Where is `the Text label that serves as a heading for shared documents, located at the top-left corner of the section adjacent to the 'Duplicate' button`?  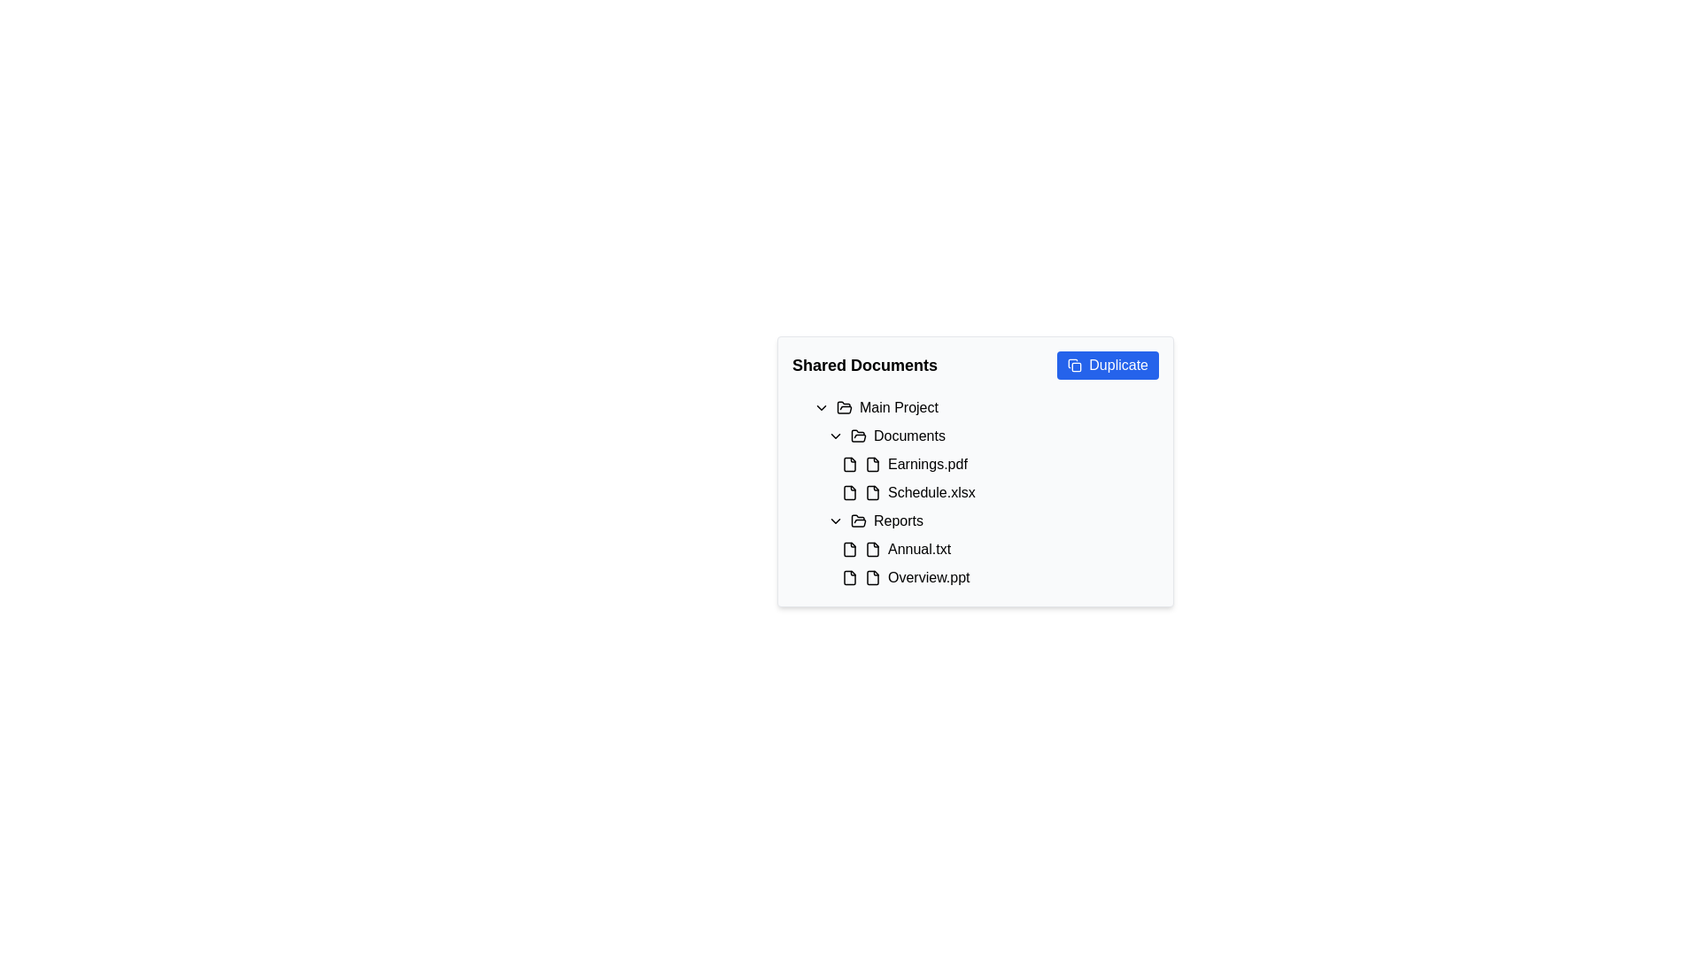 the Text label that serves as a heading for shared documents, located at the top-left corner of the section adjacent to the 'Duplicate' button is located at coordinates (865, 364).